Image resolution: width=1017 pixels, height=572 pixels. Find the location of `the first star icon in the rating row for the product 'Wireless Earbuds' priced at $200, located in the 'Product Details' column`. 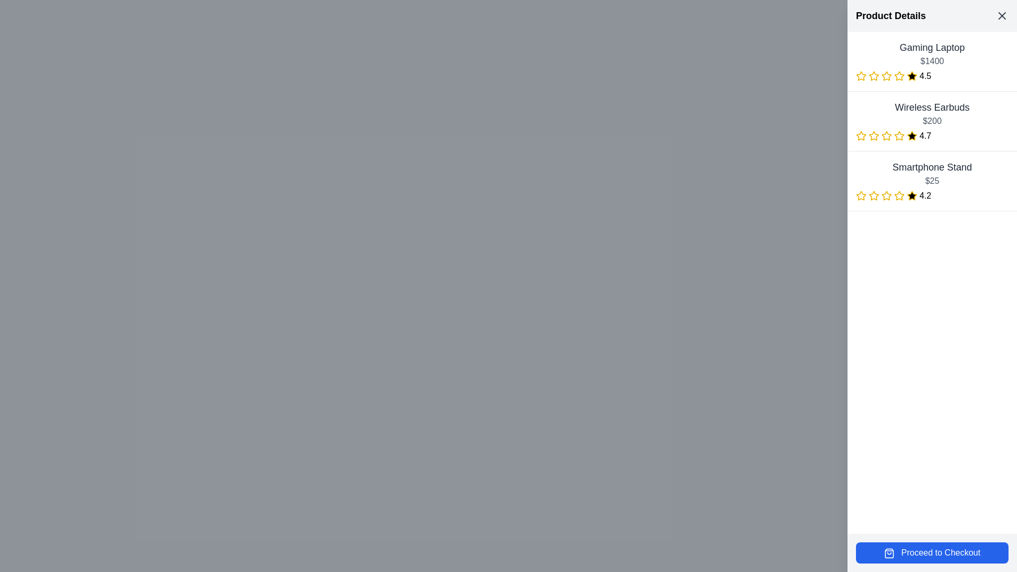

the first star icon in the rating row for the product 'Wireless Earbuds' priced at $200, located in the 'Product Details' column is located at coordinates (861, 136).